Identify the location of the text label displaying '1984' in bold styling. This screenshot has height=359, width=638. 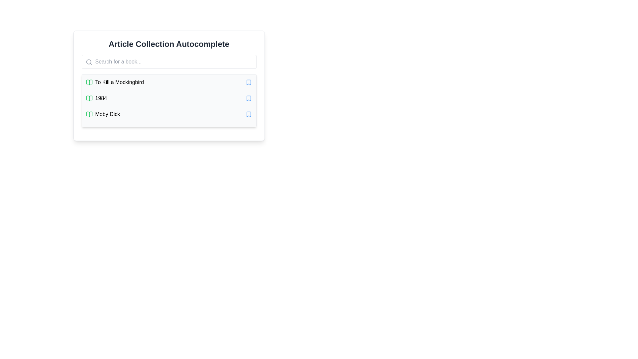
(96, 98).